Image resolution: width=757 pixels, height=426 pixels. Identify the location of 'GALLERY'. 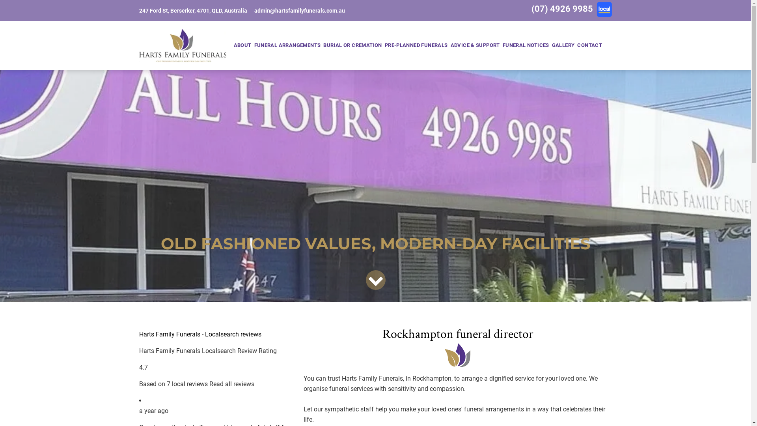
(563, 45).